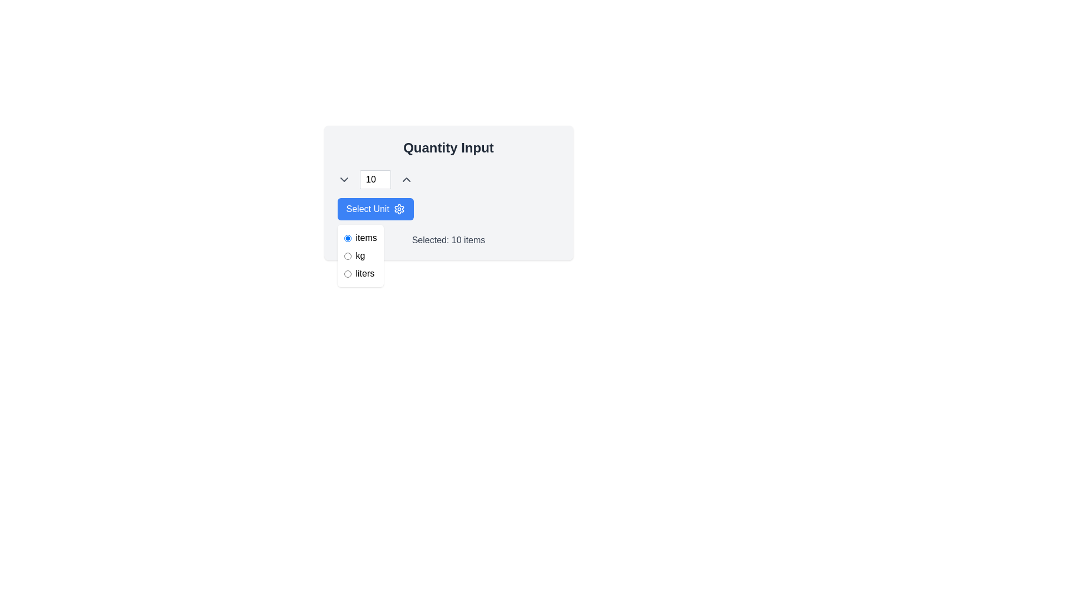  I want to click on the first radio button labeled 'items' in the dropdown menu, so click(360, 238).